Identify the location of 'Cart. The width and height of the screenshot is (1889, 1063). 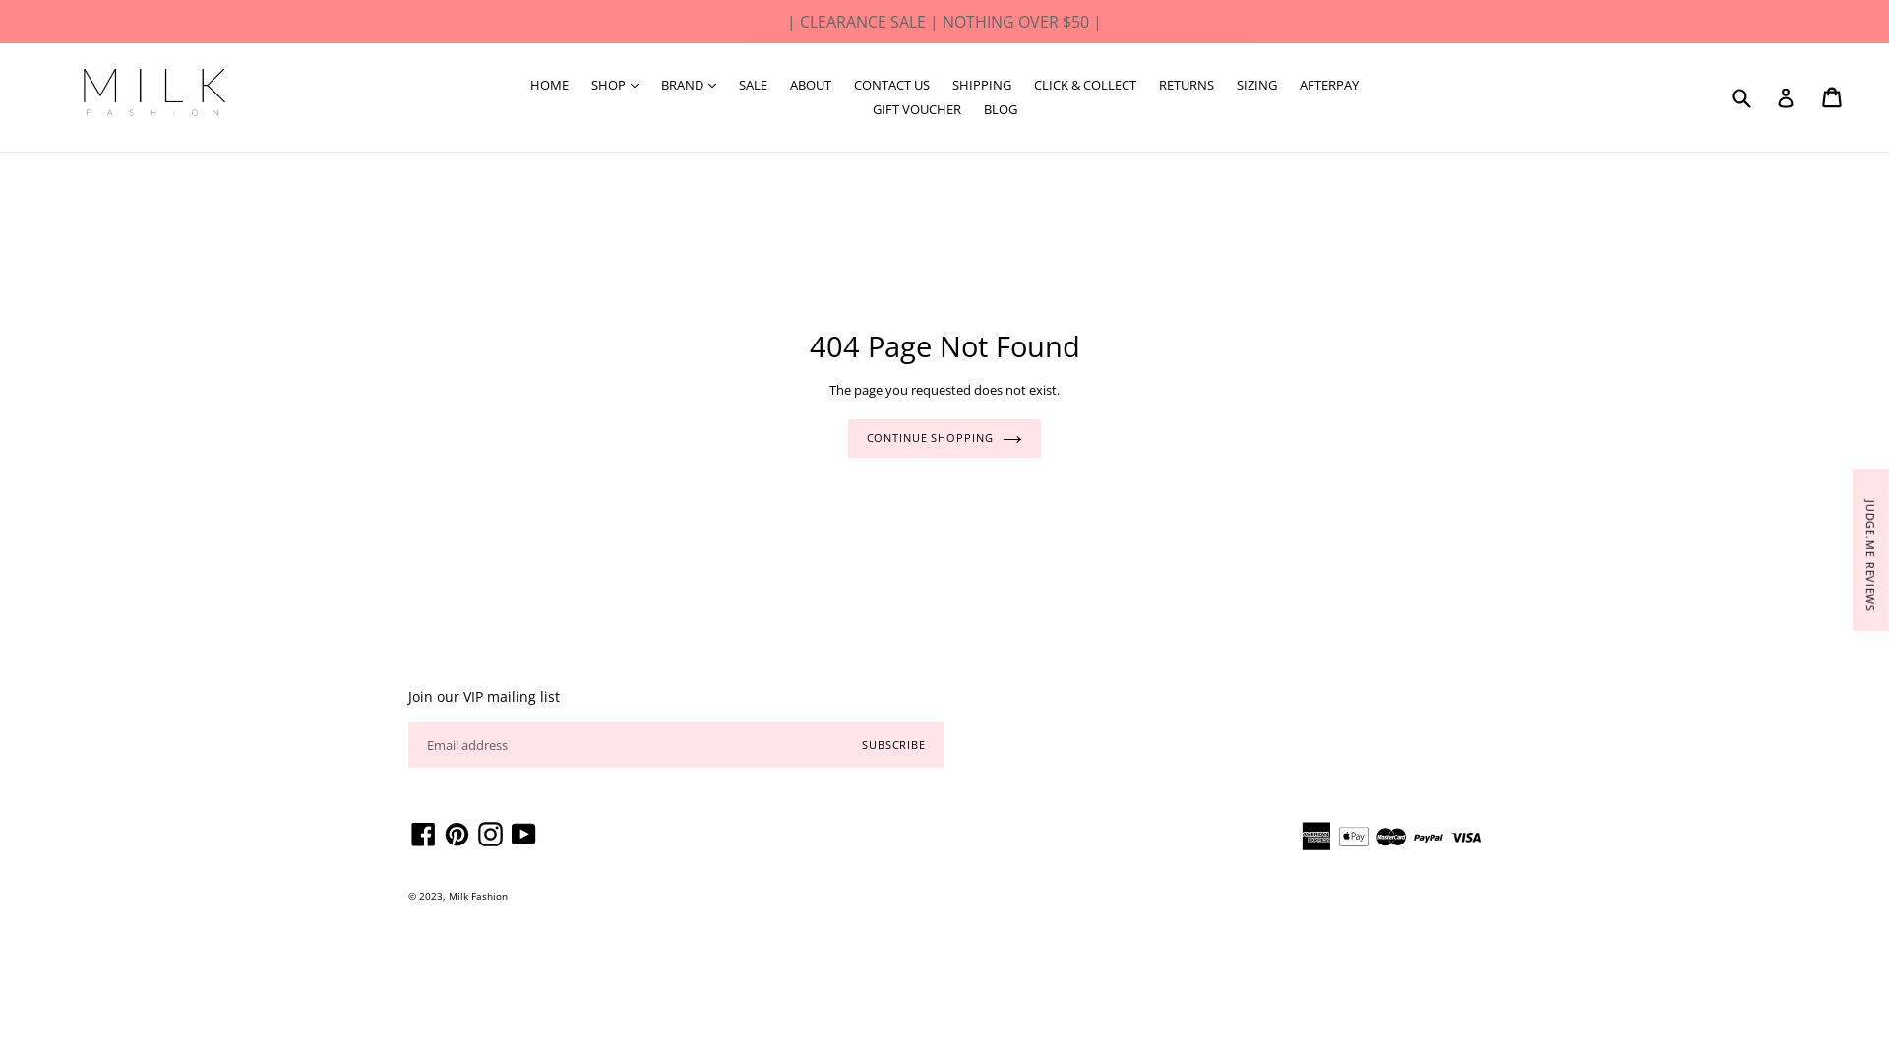
(1832, 97).